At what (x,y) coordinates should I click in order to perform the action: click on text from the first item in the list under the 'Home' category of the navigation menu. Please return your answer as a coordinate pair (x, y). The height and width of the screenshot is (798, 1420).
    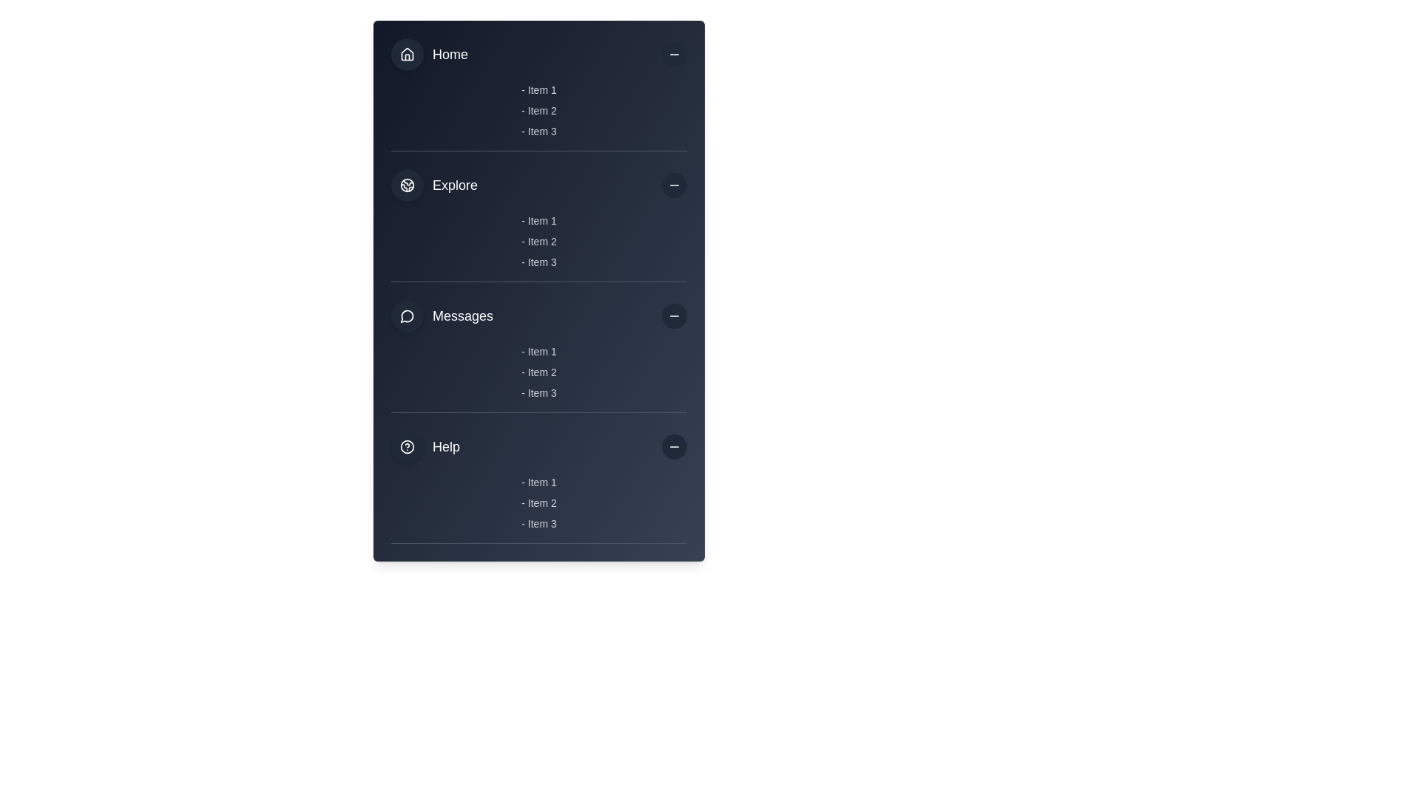
    Looking at the image, I should click on (538, 90).